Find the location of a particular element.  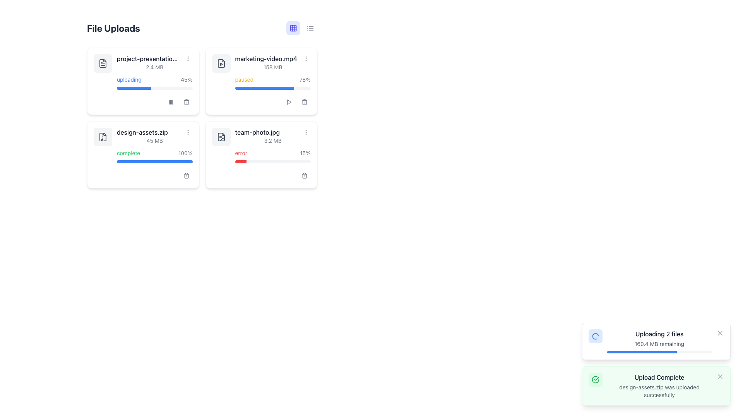

the icon associated with the 'team-photo.jpg' file located in the bottom-right card of the file upload grid, positioned next to the file name text is located at coordinates (221, 137).